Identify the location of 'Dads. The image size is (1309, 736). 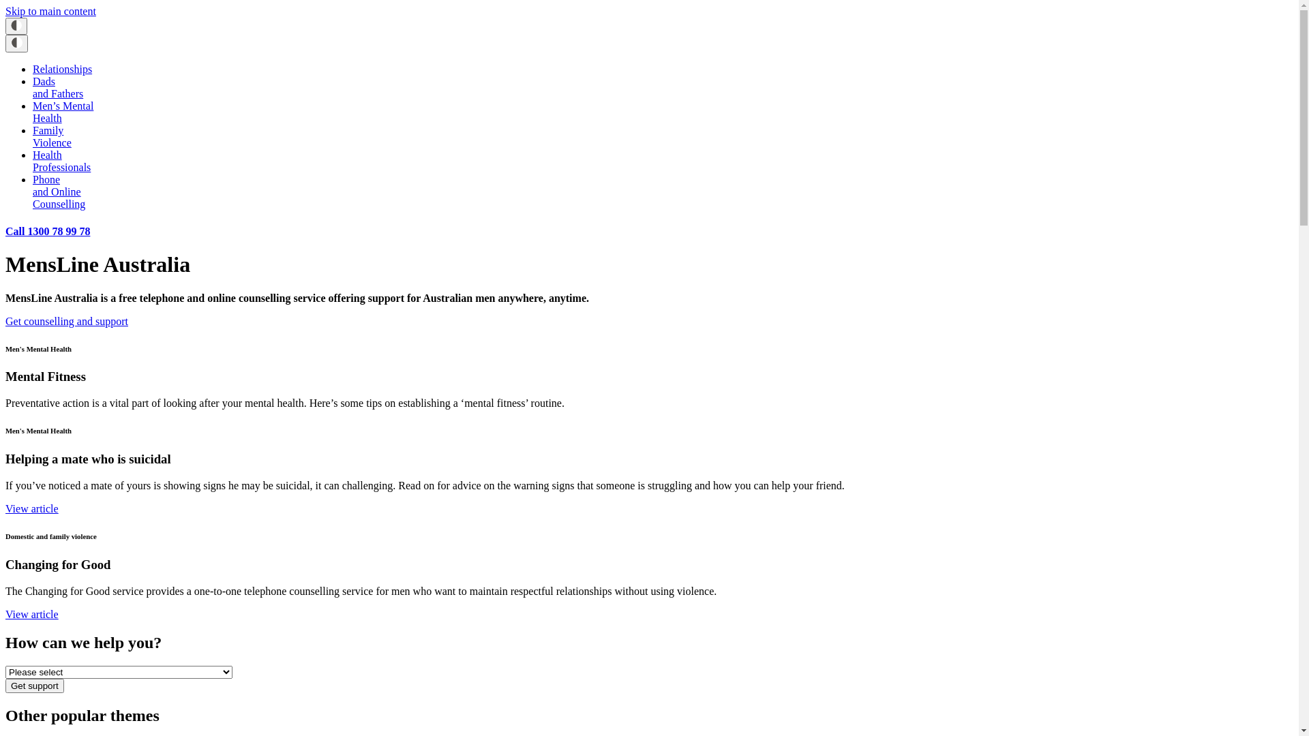
(57, 87).